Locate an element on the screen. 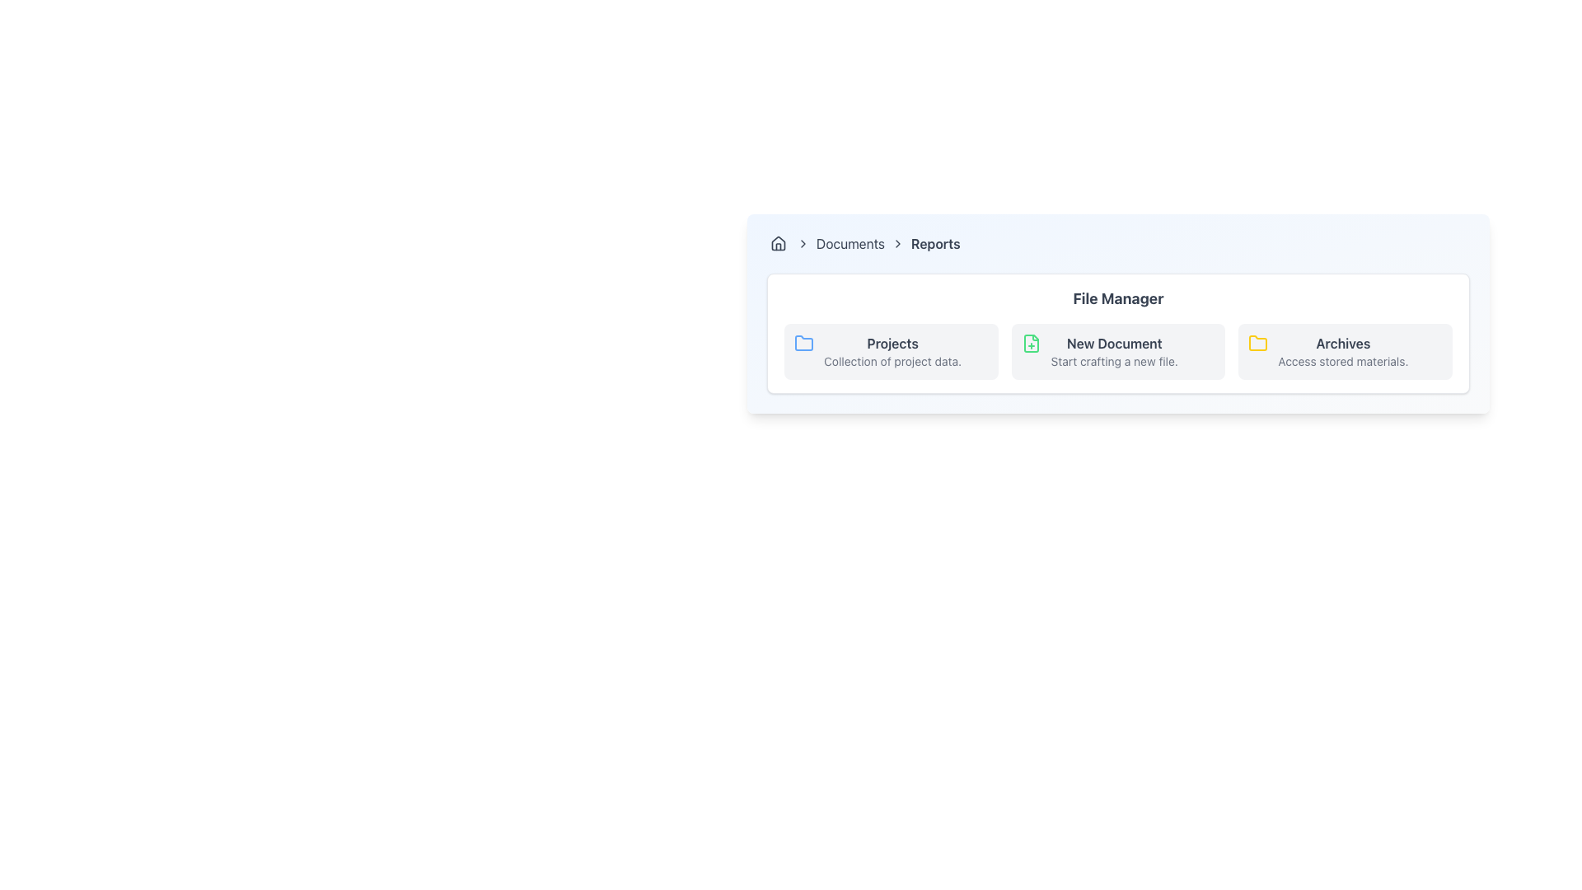 Image resolution: width=1582 pixels, height=890 pixels. the text block displaying 'Projects' with the subtitle 'Collection of project data.' in the File Manager section is located at coordinates (892, 351).